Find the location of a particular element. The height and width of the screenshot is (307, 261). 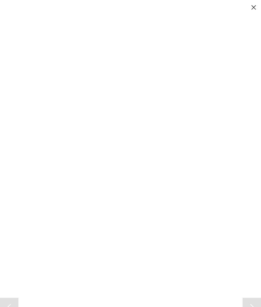

'Don Lansu for the Northwest Herald:Crystal Lake So. Sr. Katy Hoenle makes
the defensive play at the net, during action against Lake Zurich. The match
took place at Huntley H.S. and was a super sectional 4a game.' is located at coordinates (197, 207).